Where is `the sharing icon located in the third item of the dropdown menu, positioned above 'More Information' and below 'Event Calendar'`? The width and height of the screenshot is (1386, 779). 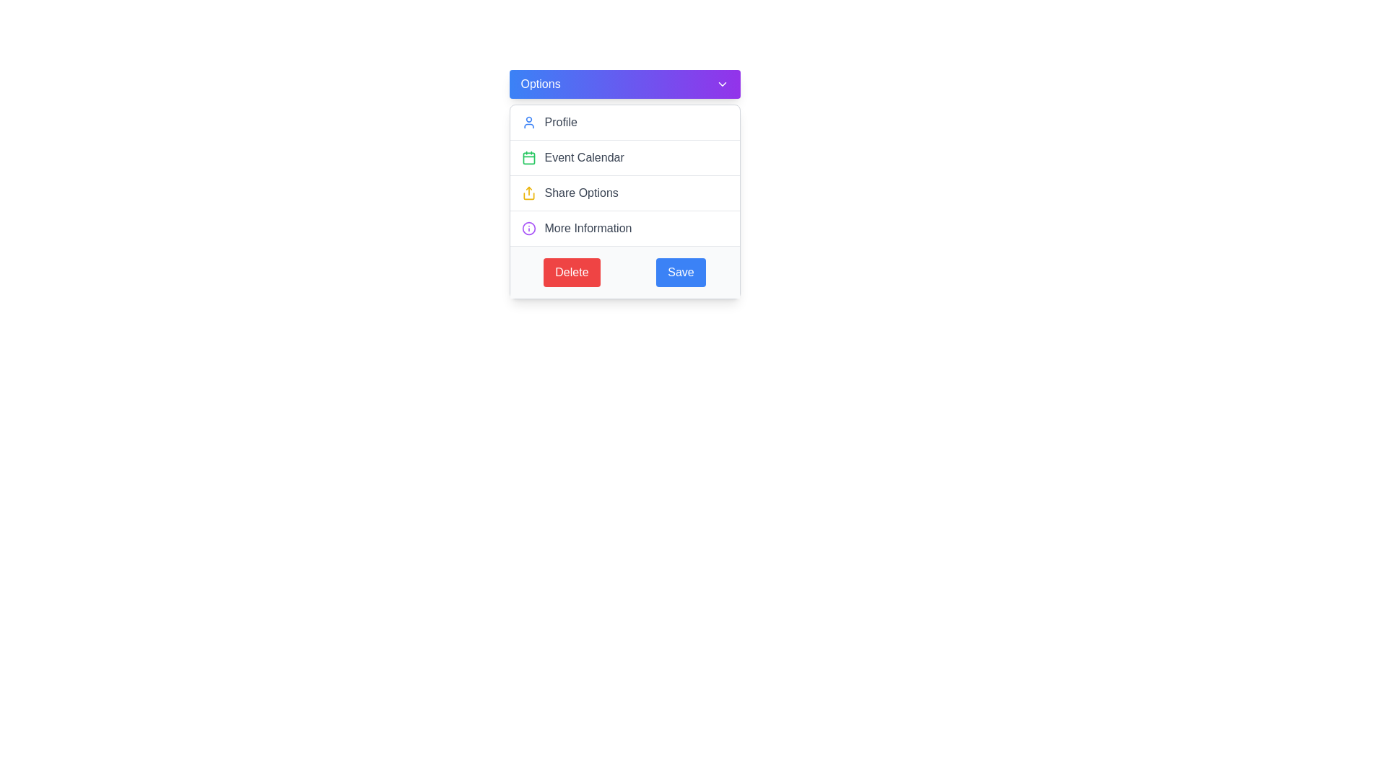 the sharing icon located in the third item of the dropdown menu, positioned above 'More Information' and below 'Event Calendar' is located at coordinates (528, 192).